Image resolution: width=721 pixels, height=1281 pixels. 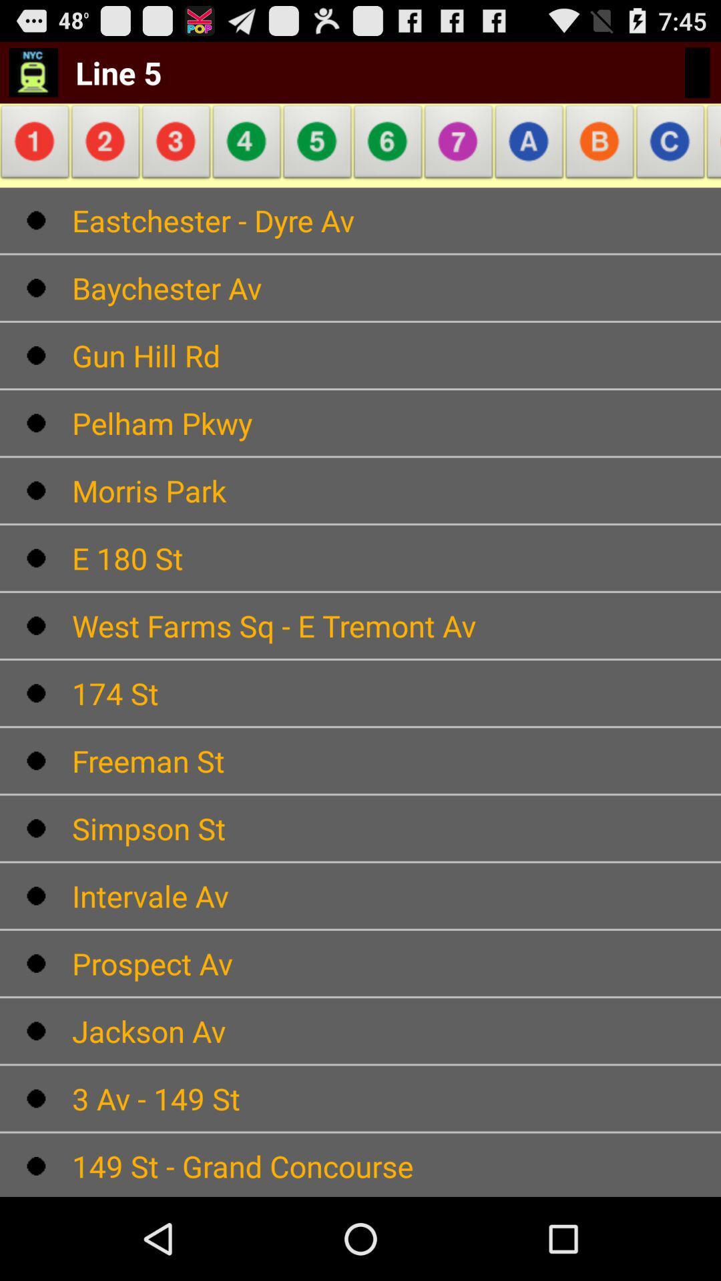 What do you see at coordinates (396, 693) in the screenshot?
I see `app below the west farms sq icon` at bounding box center [396, 693].